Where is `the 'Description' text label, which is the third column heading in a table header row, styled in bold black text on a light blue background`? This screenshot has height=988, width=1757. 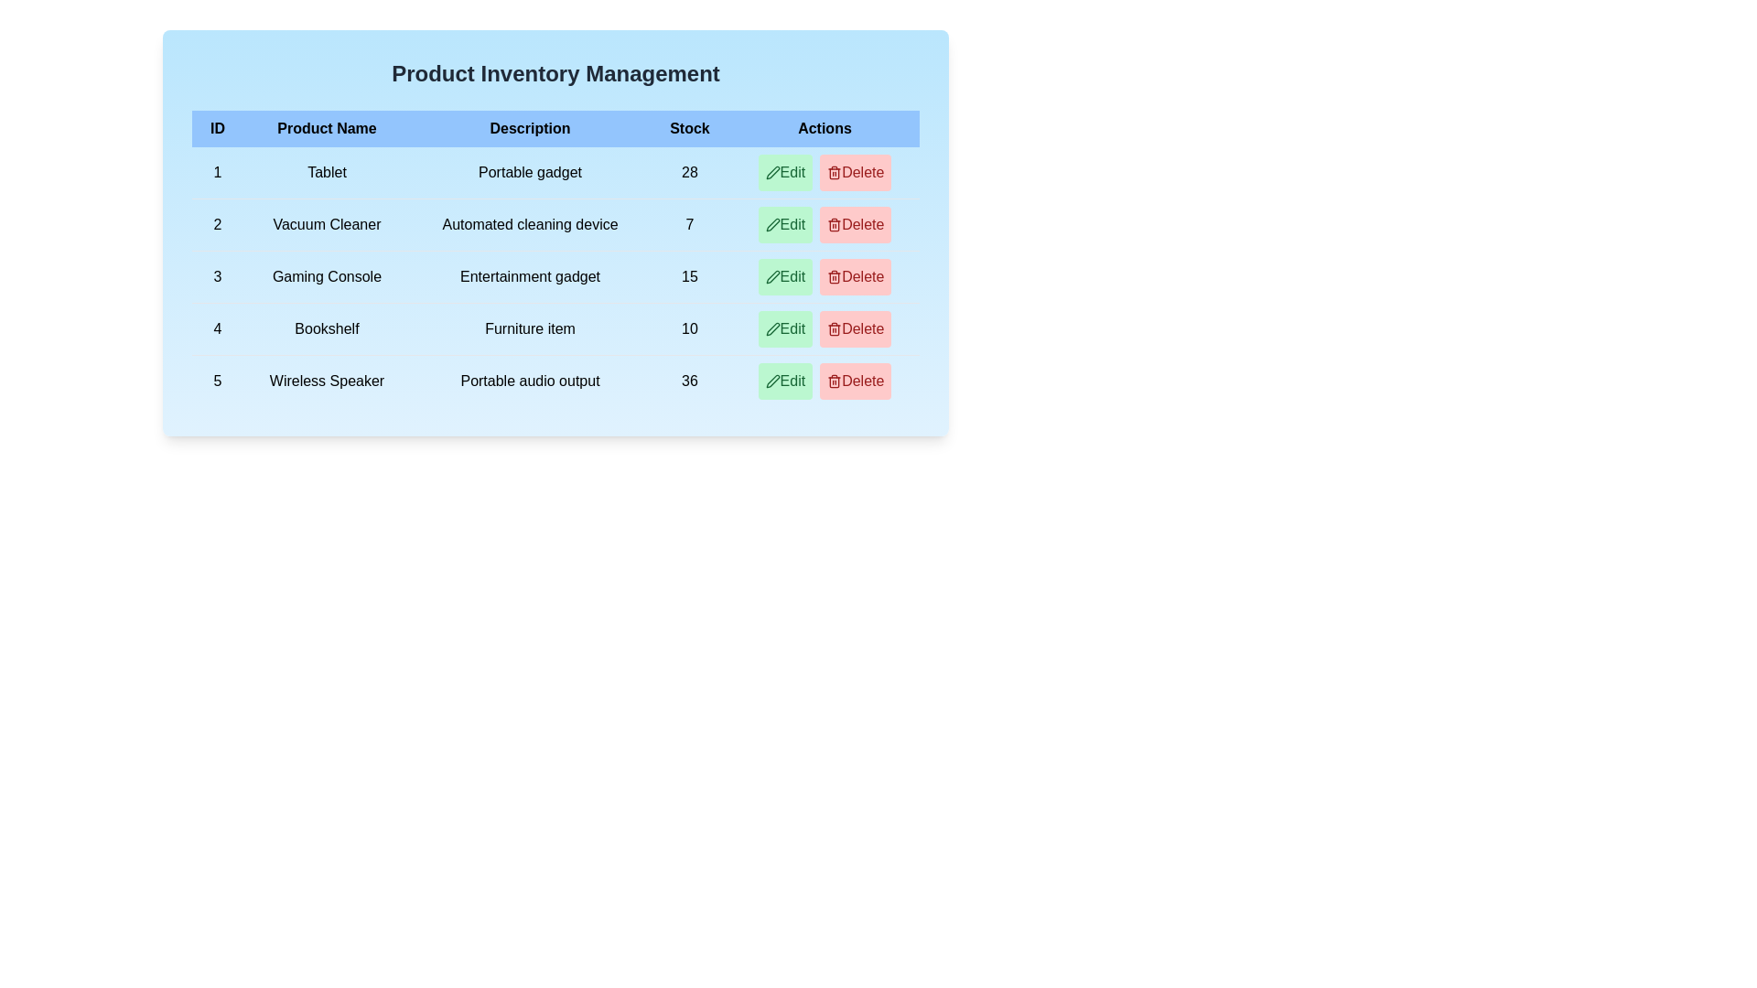 the 'Description' text label, which is the third column heading in a table header row, styled in bold black text on a light blue background is located at coordinates (529, 128).